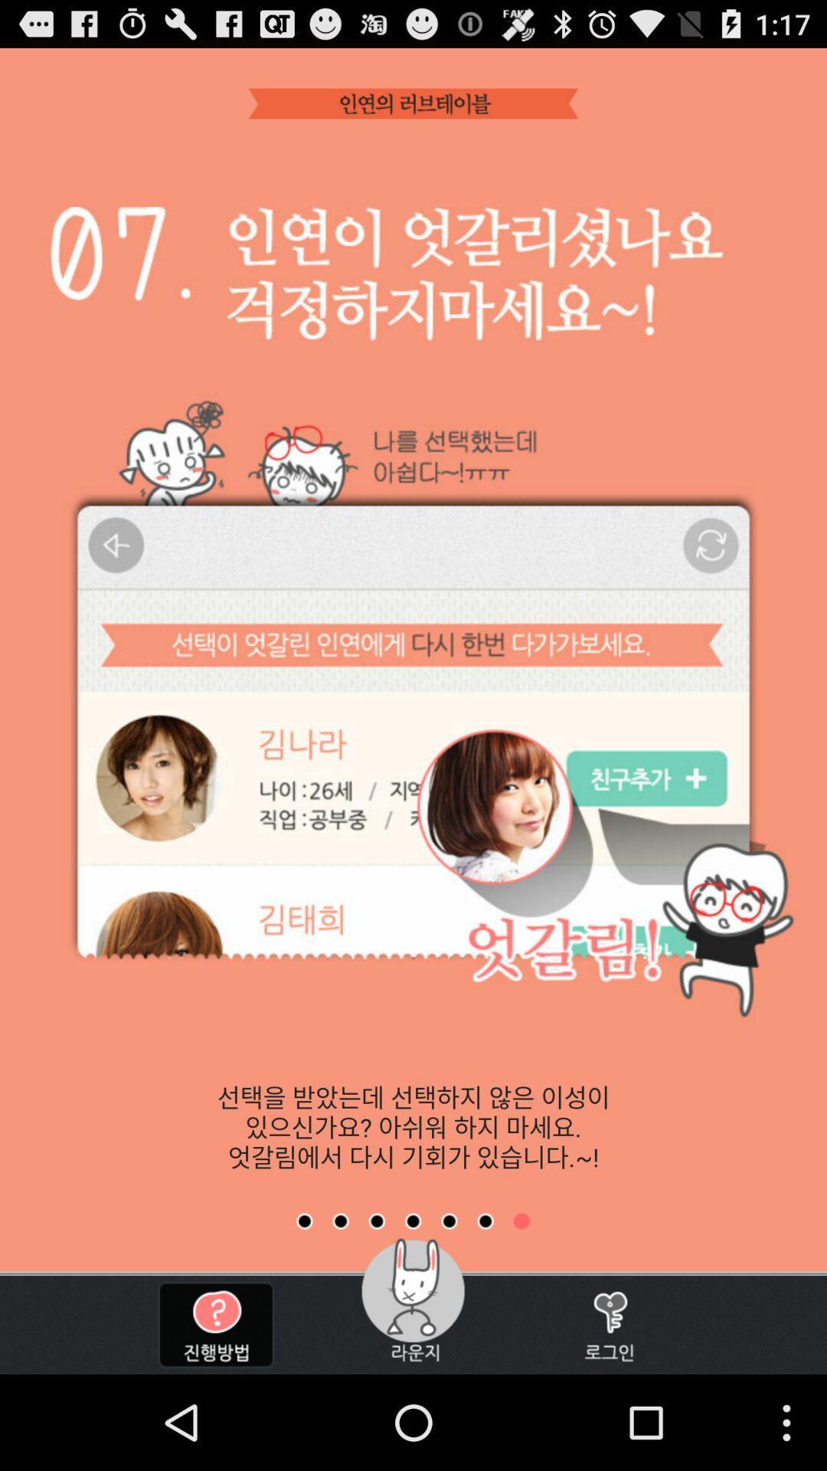 Image resolution: width=827 pixels, height=1471 pixels. I want to click on 2nd dot for loading, so click(340, 1220).